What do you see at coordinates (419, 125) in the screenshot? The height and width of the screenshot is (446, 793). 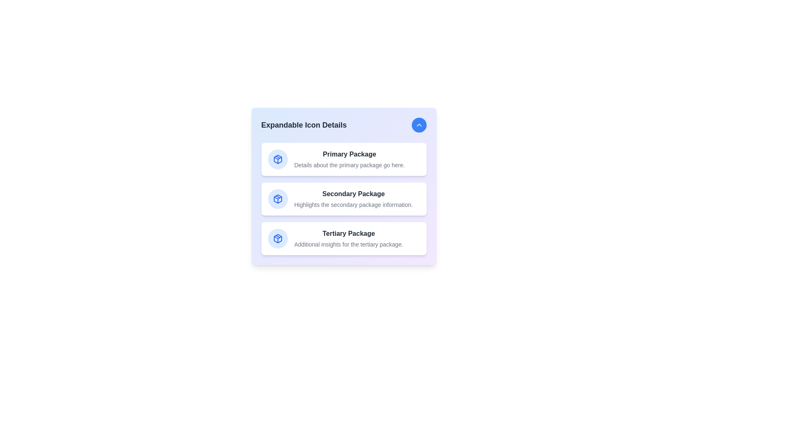 I see `the button located in the header of the 'Expandable Icon Details' panel` at bounding box center [419, 125].